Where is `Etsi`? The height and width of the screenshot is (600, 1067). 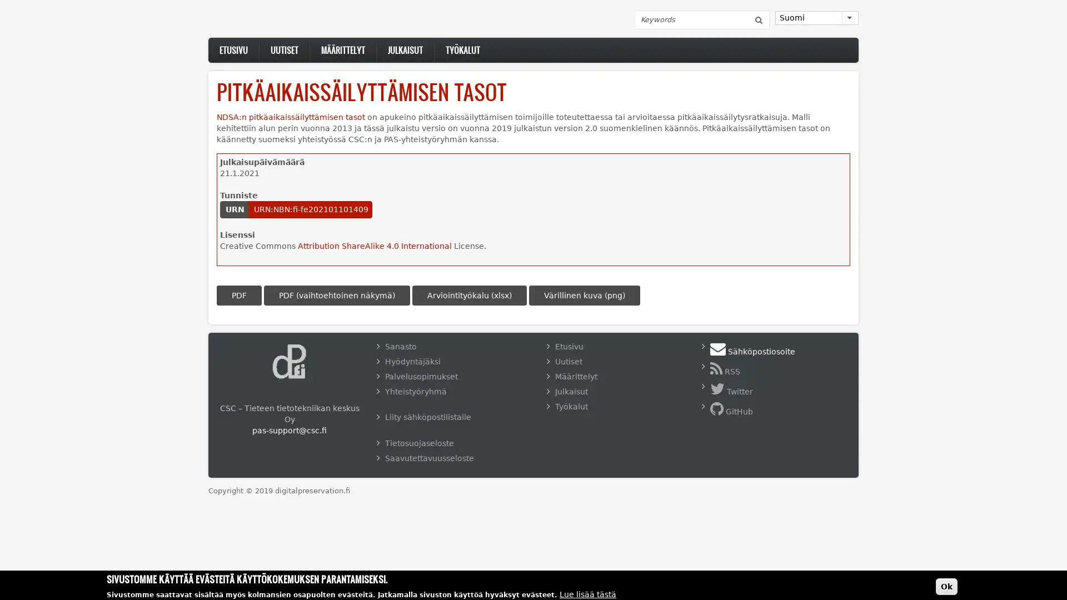
Etsi is located at coordinates (759, 20).